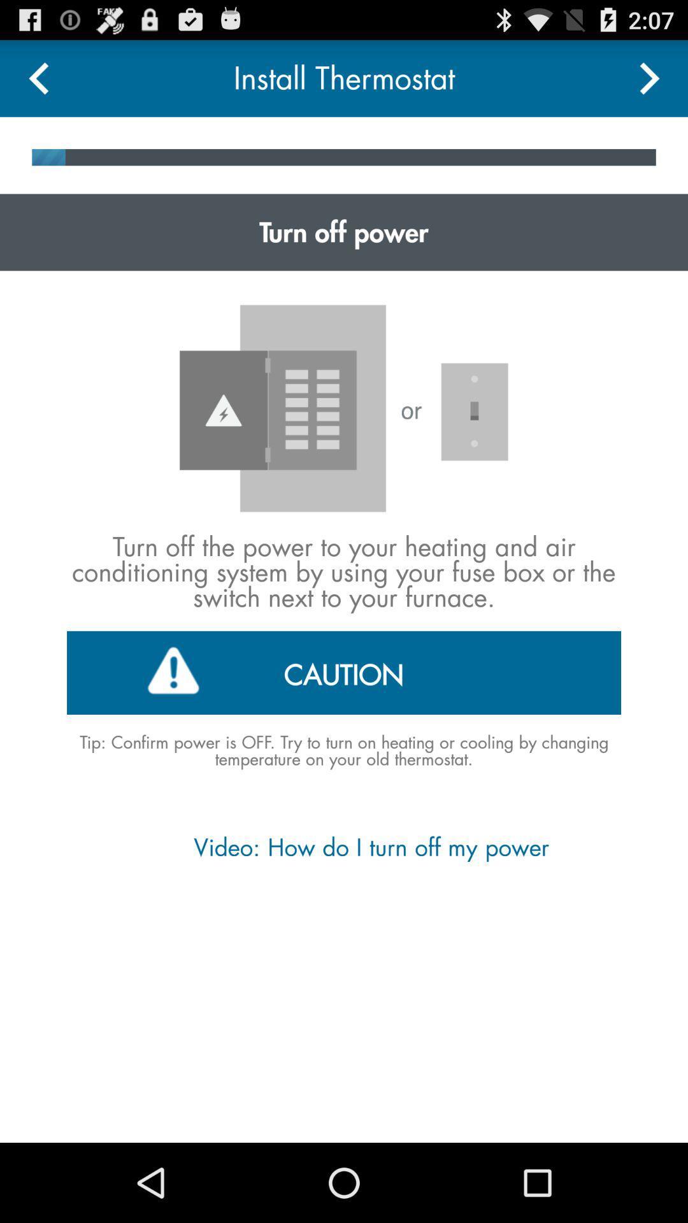 This screenshot has width=688, height=1223. What do you see at coordinates (649, 78) in the screenshot?
I see `next` at bounding box center [649, 78].